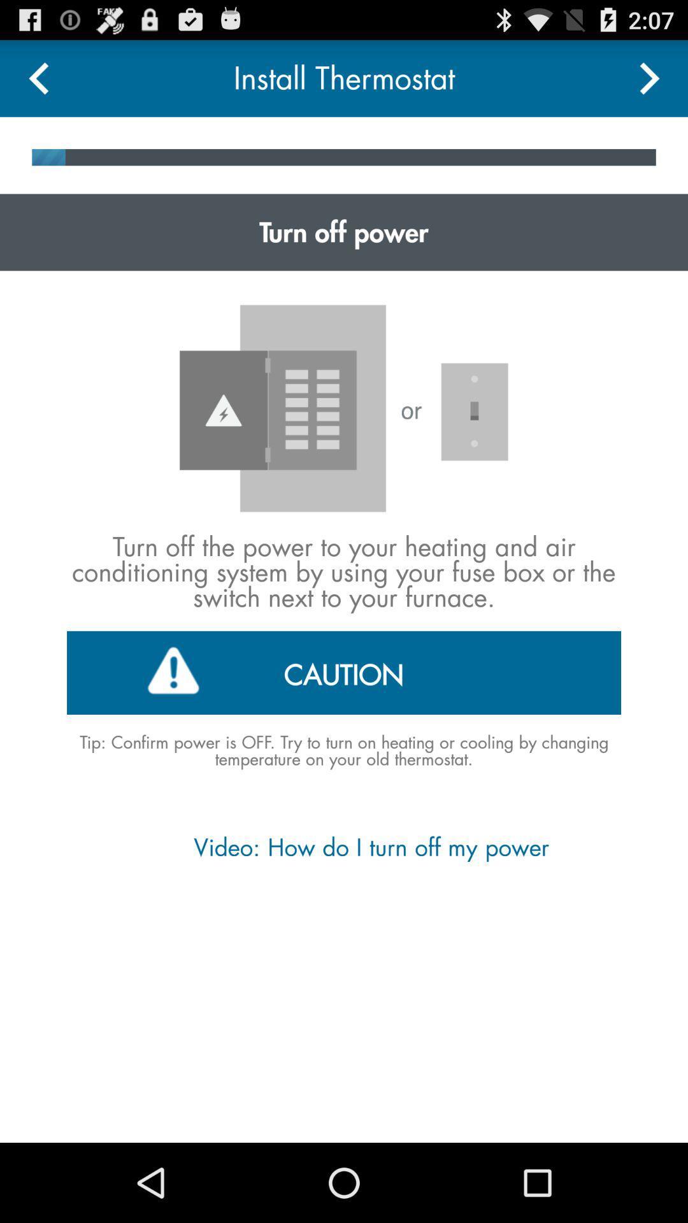 This screenshot has width=688, height=1223. What do you see at coordinates (649, 78) in the screenshot?
I see `next` at bounding box center [649, 78].